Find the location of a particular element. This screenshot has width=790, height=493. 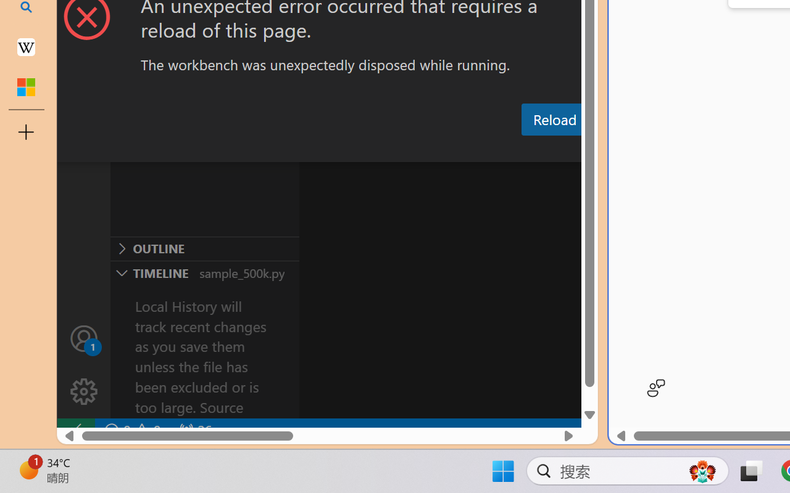

'No Problems' is located at coordinates (131, 430).